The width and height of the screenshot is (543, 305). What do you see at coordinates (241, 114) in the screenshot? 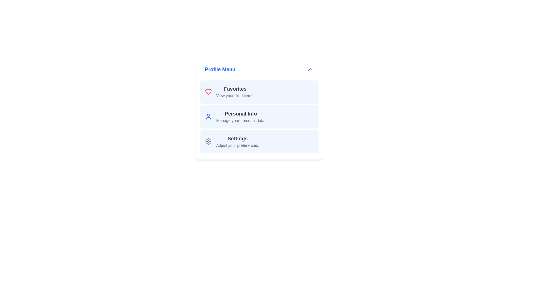
I see `the Label that serves as a heading for managing personal data, which is centrally aligned above the text 'Manage your personal data.'` at bounding box center [241, 114].